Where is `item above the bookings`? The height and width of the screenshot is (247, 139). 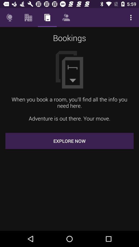 item above the bookings is located at coordinates (28, 17).